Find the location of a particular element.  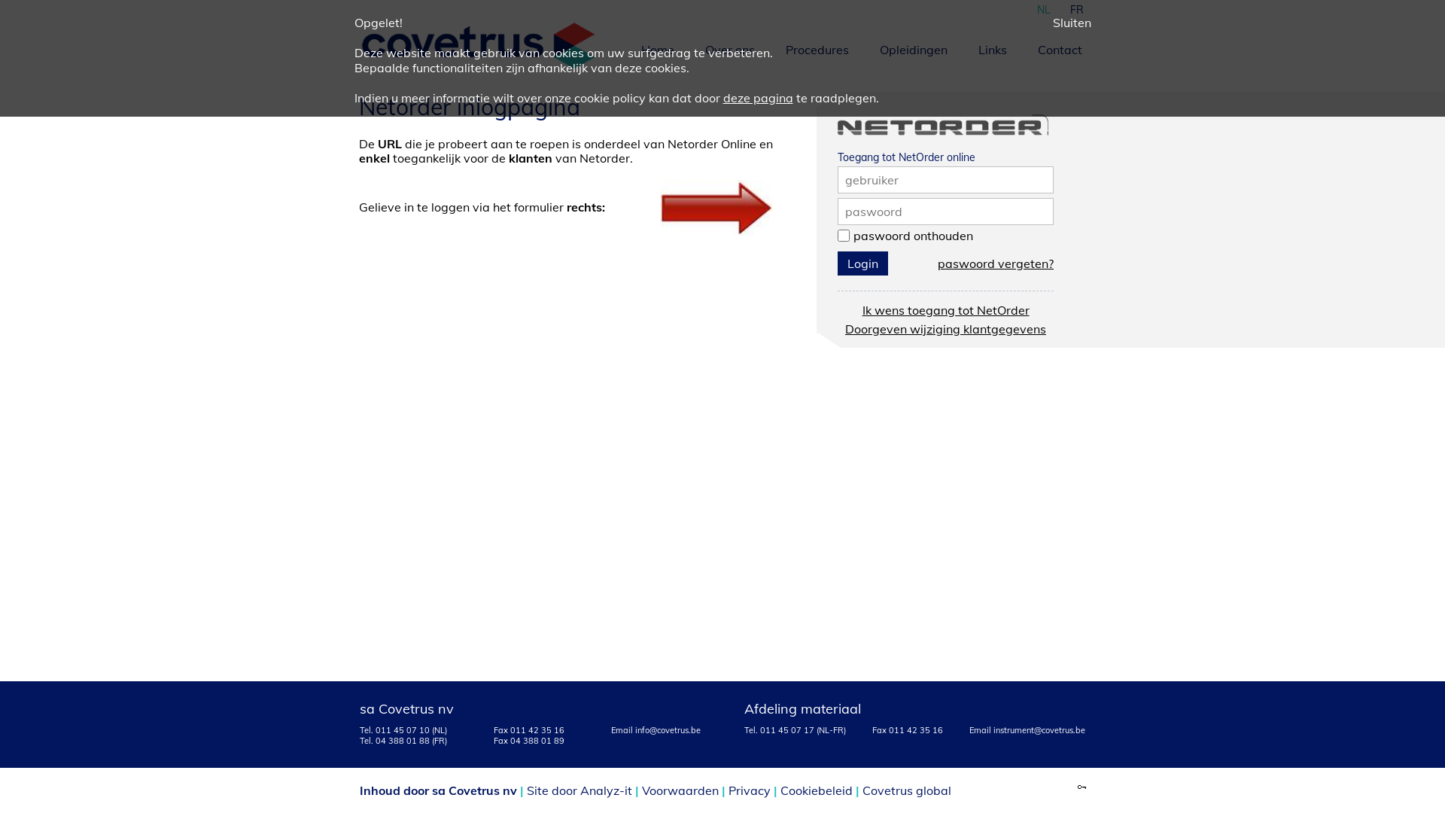

'FR' is located at coordinates (1075, 8).